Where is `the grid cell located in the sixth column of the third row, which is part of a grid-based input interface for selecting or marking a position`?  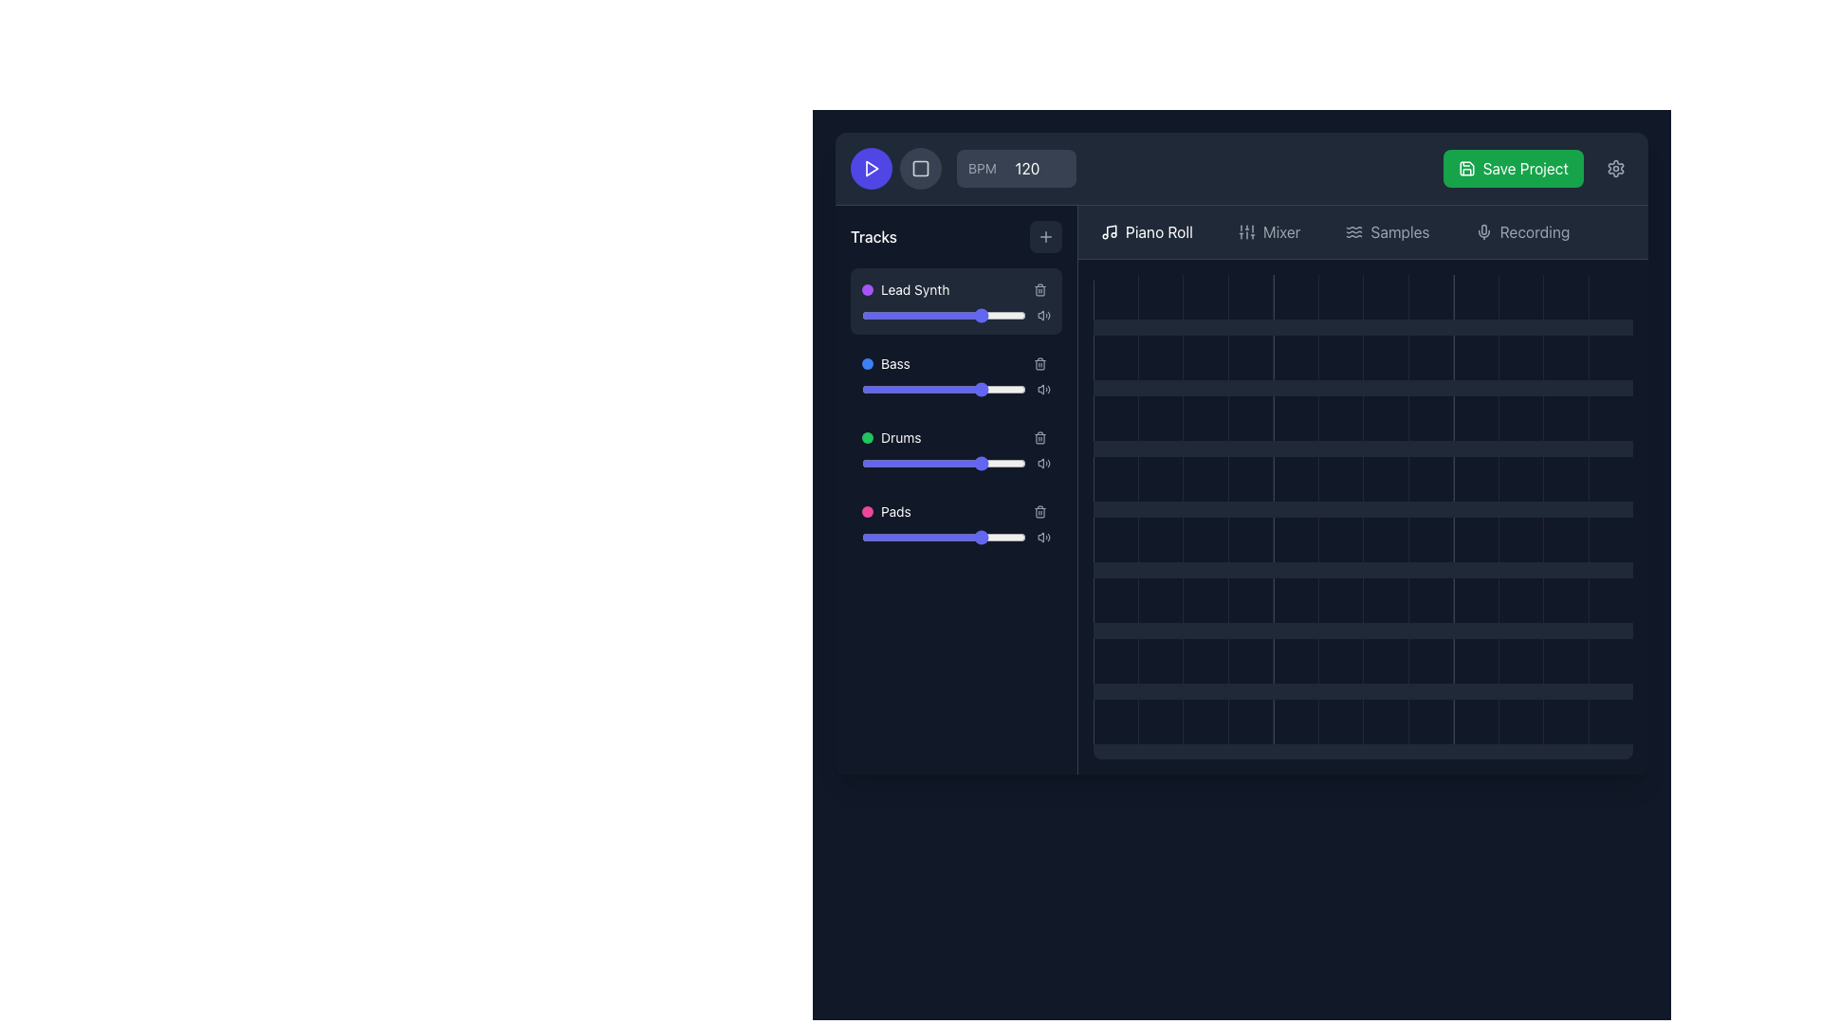 the grid cell located in the sixth column of the third row, which is part of a grid-based input interface for selecting or marking a position is located at coordinates (1339, 539).